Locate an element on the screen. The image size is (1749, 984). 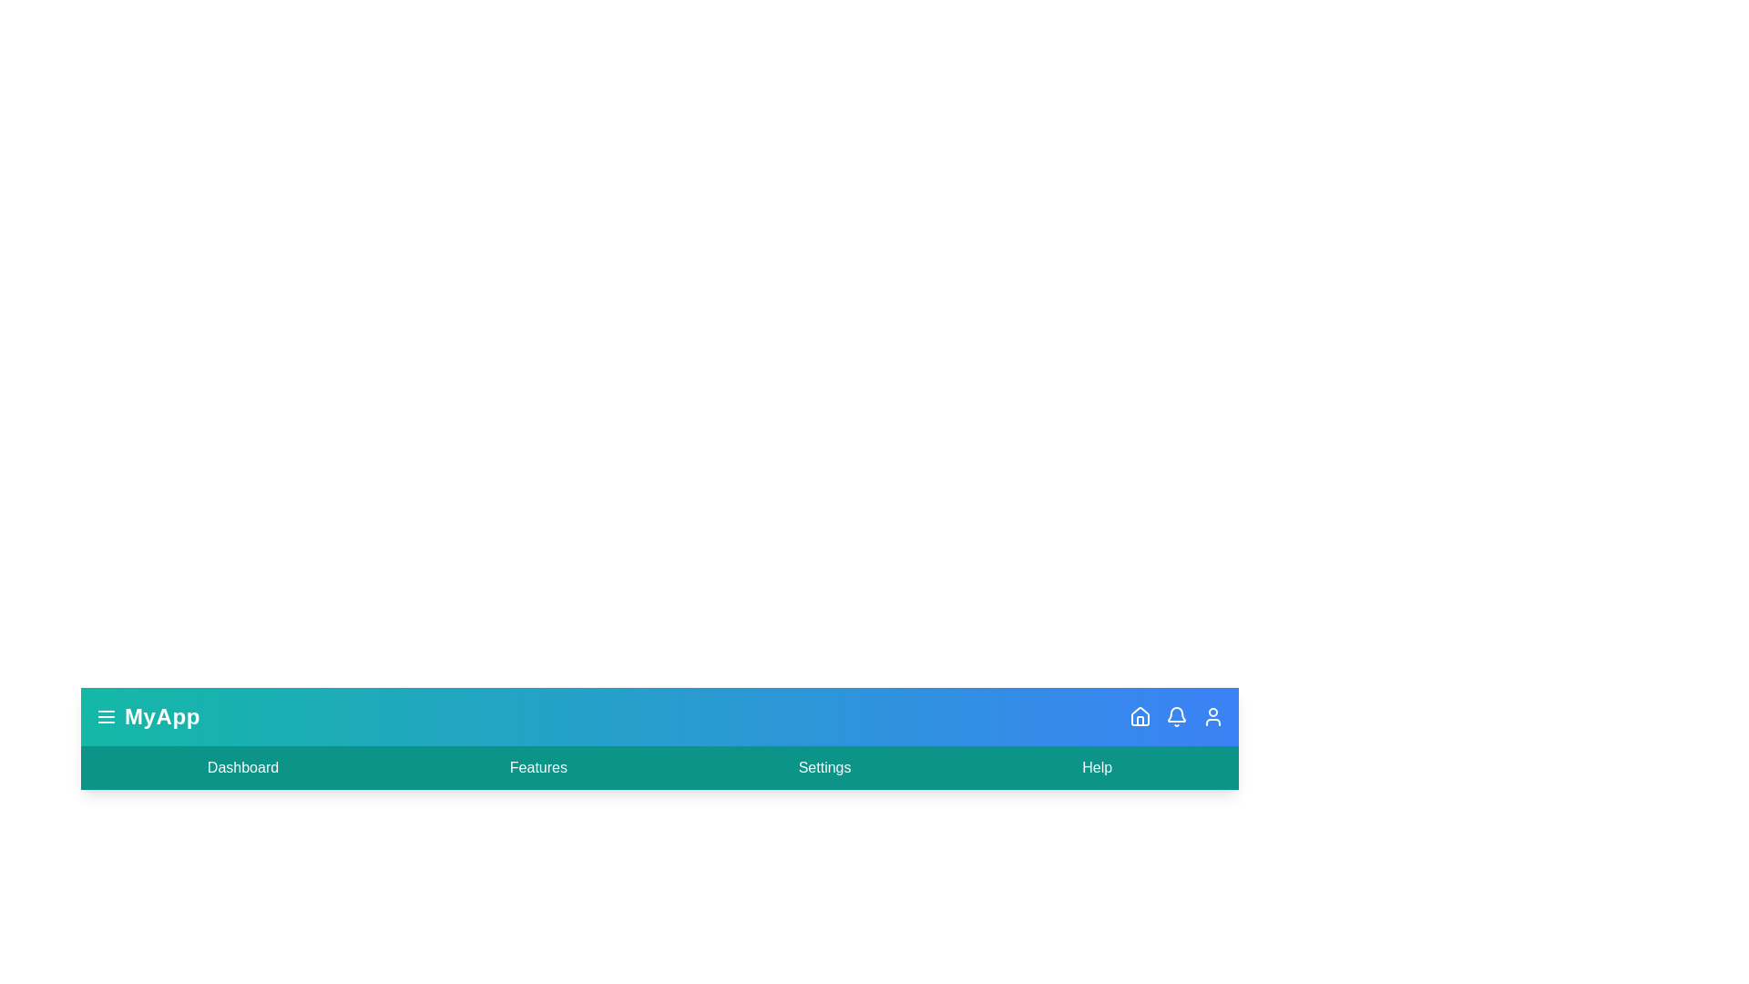
the menu button to toggle the menu visibility is located at coordinates (105, 715).